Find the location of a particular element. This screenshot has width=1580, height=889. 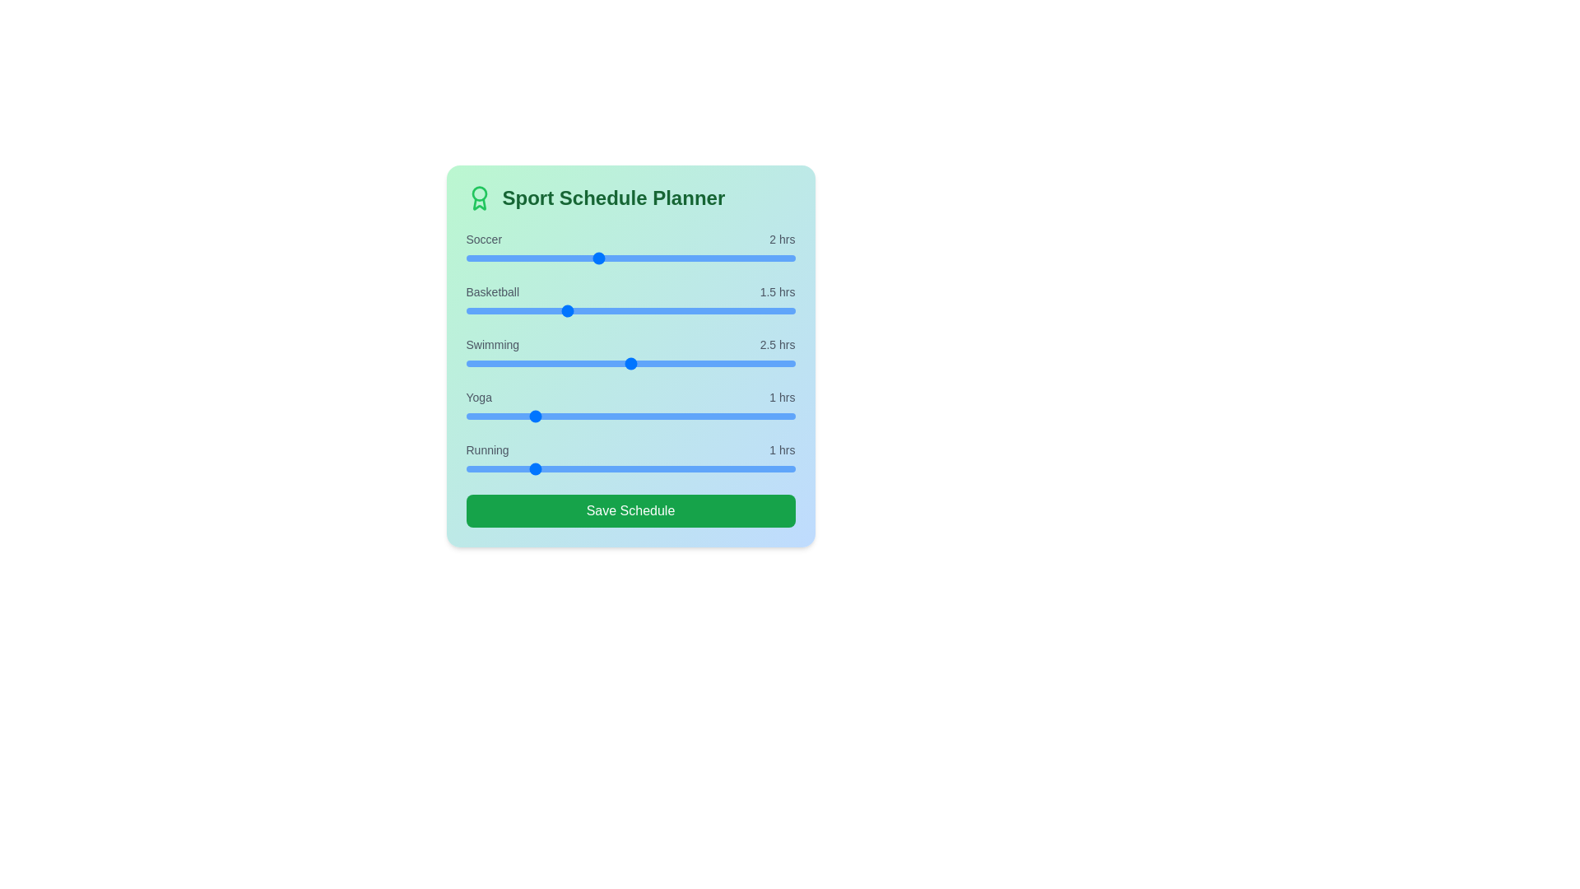

'Save Schedule' button to save the schedule is located at coordinates (630, 510).